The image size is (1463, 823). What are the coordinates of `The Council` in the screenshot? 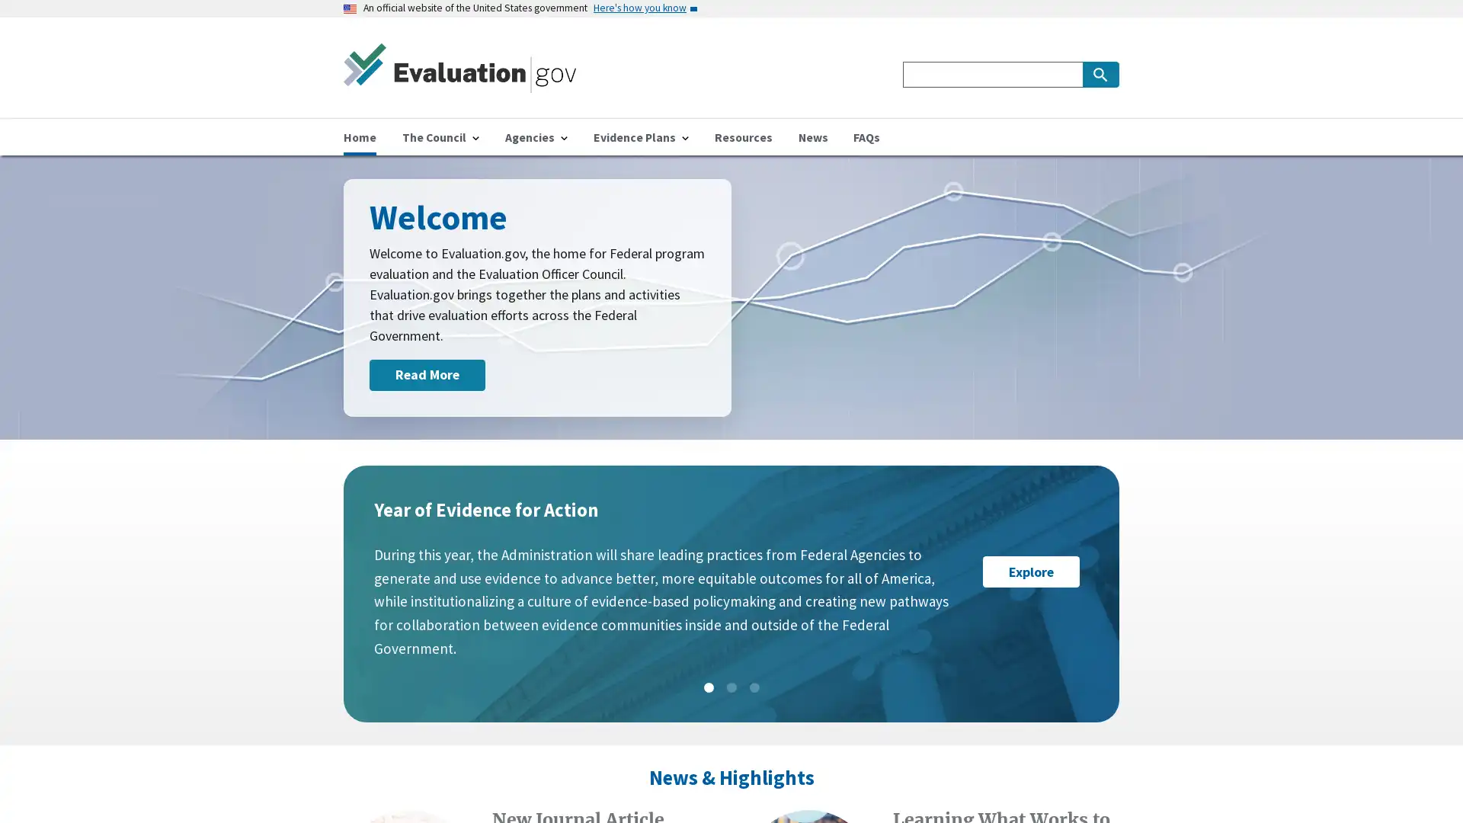 It's located at (440, 137).